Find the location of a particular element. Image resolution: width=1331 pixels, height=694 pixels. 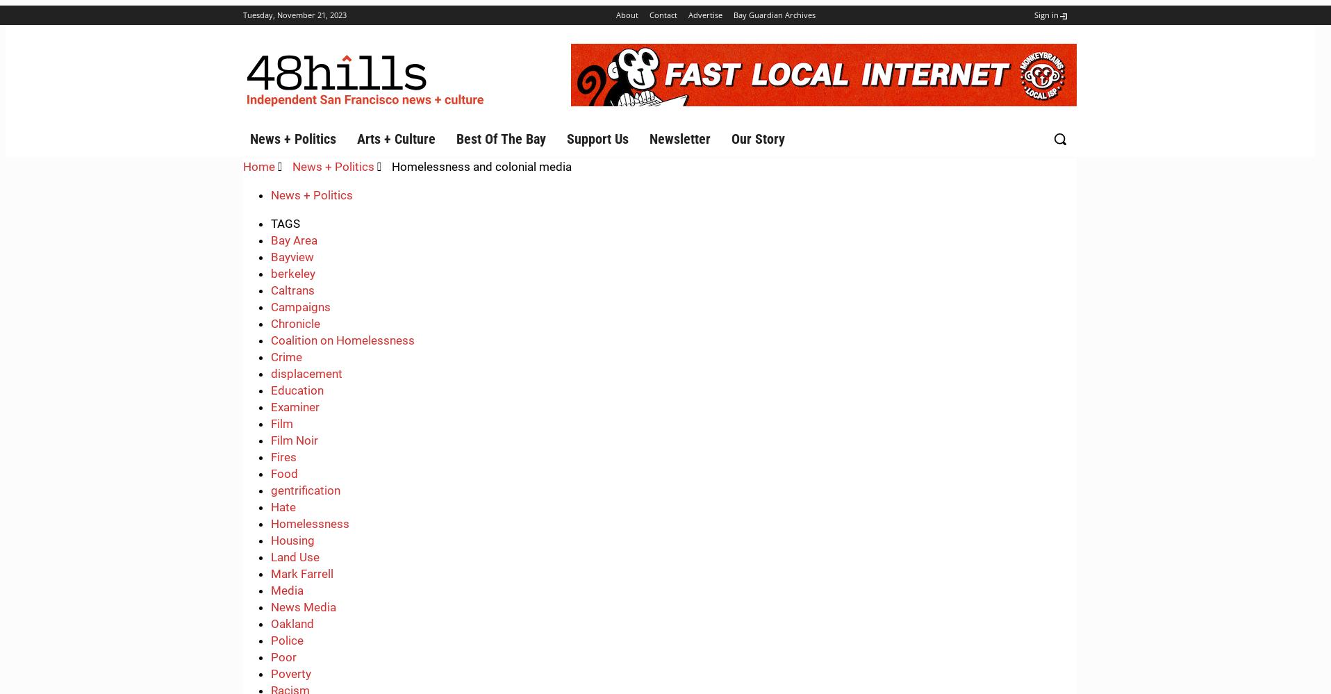

'Caltrans' is located at coordinates (270, 289).